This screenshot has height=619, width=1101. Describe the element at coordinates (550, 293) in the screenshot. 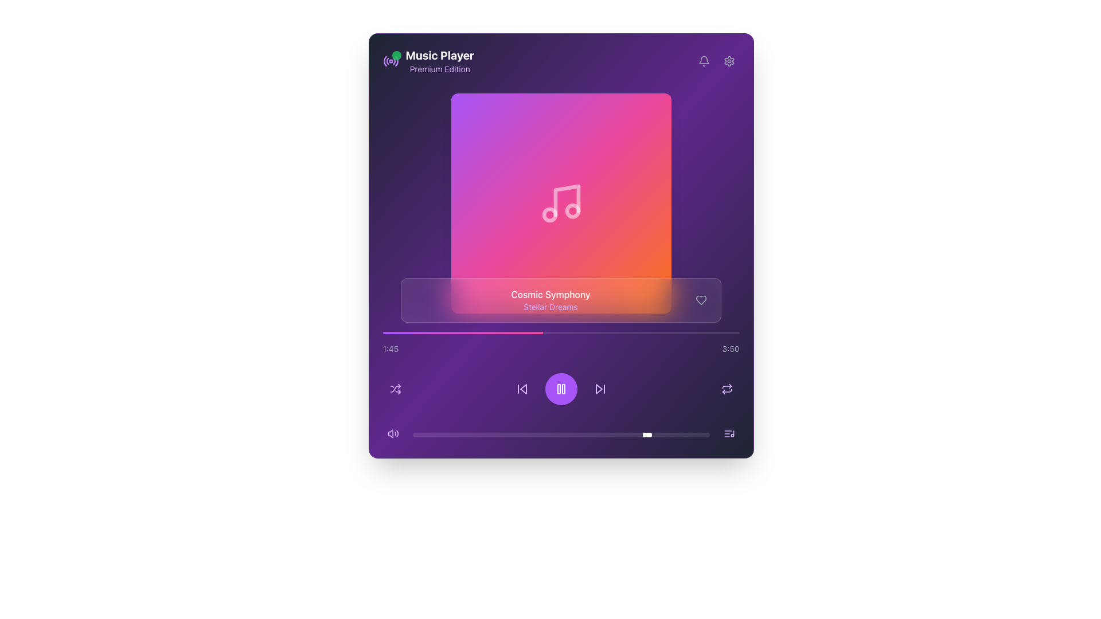

I see `text displayed in the Text Label that shows the title of the currently playing media, located below the album artwork and above another text element displaying 'Stellar Dreams'` at that location.